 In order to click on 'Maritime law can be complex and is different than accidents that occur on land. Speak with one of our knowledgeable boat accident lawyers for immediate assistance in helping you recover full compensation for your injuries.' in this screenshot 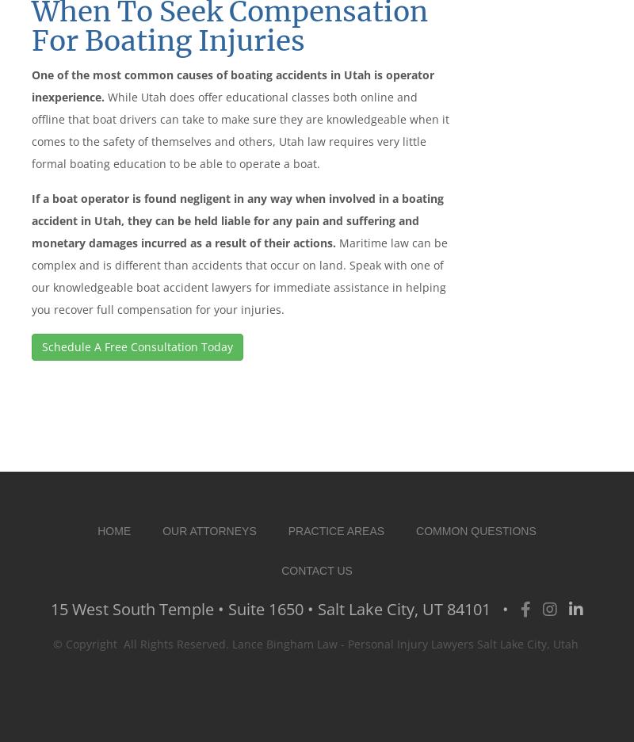, I will do `click(239, 274)`.